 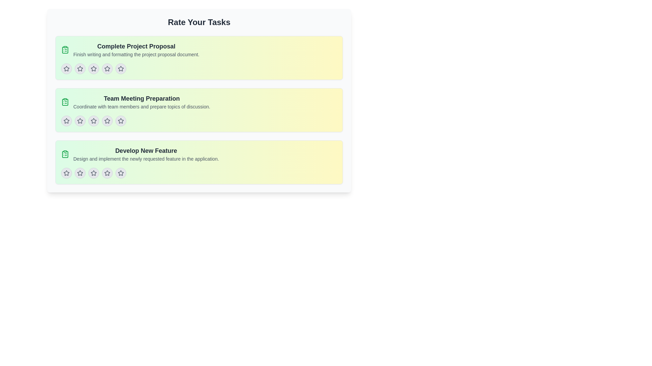 I want to click on the Rating star button, which is a circular button with a star icon inside, located under the 'Team Meeting Preparation' task, so click(x=67, y=121).